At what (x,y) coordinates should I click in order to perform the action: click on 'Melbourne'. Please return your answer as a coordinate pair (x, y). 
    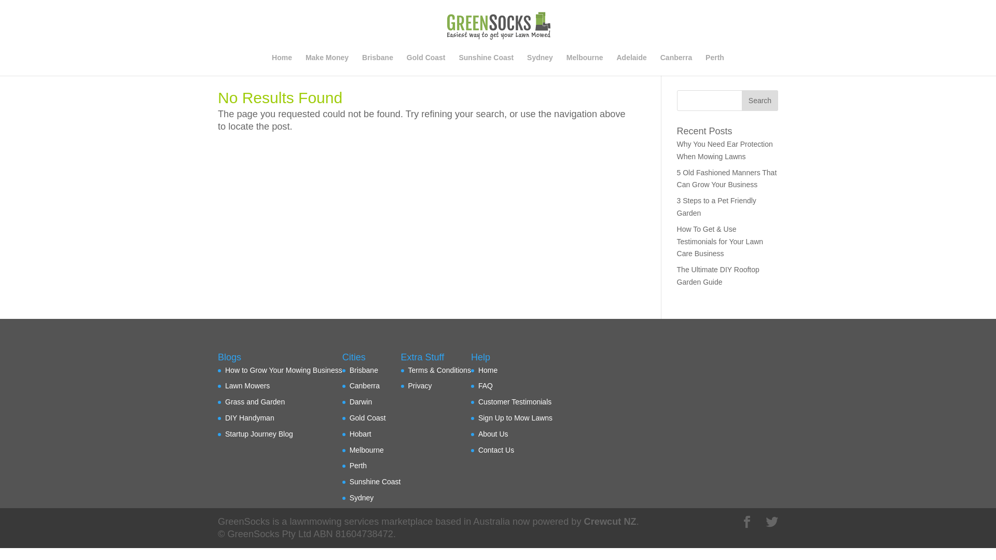
    Looking at the image, I should click on (585, 64).